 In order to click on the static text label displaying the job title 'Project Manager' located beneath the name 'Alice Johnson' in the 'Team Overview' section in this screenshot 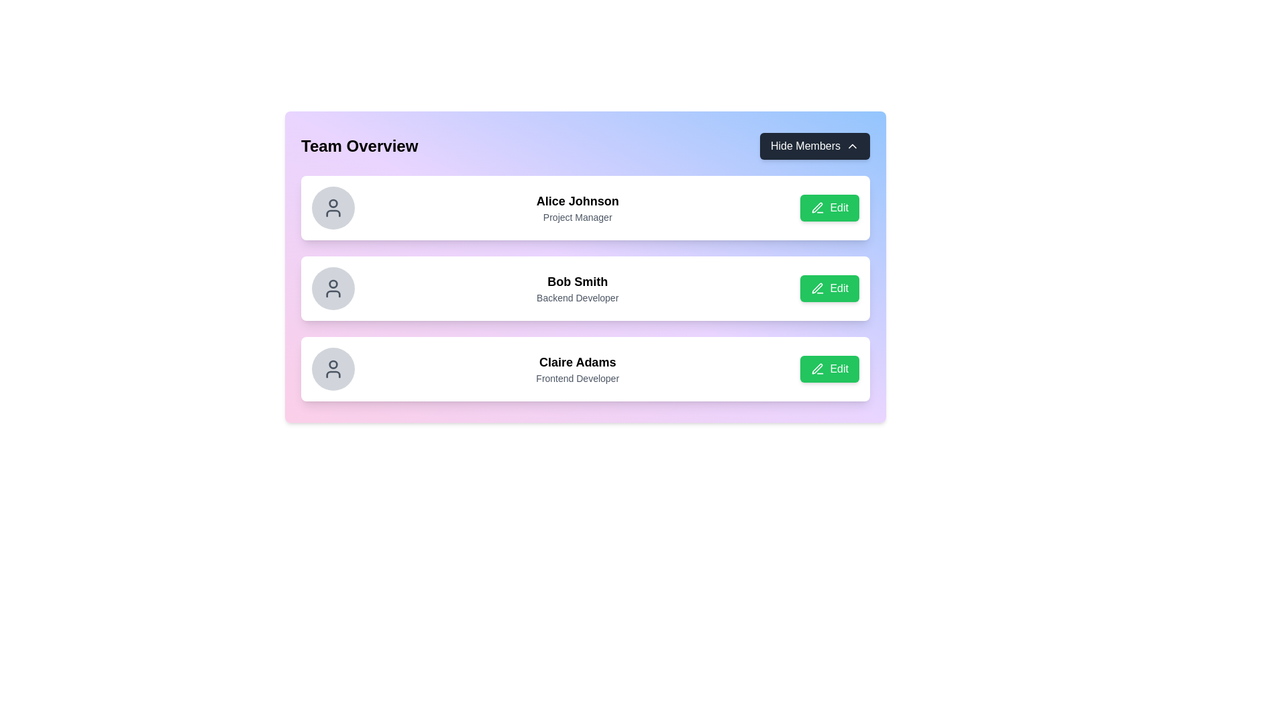, I will do `click(578, 217)`.